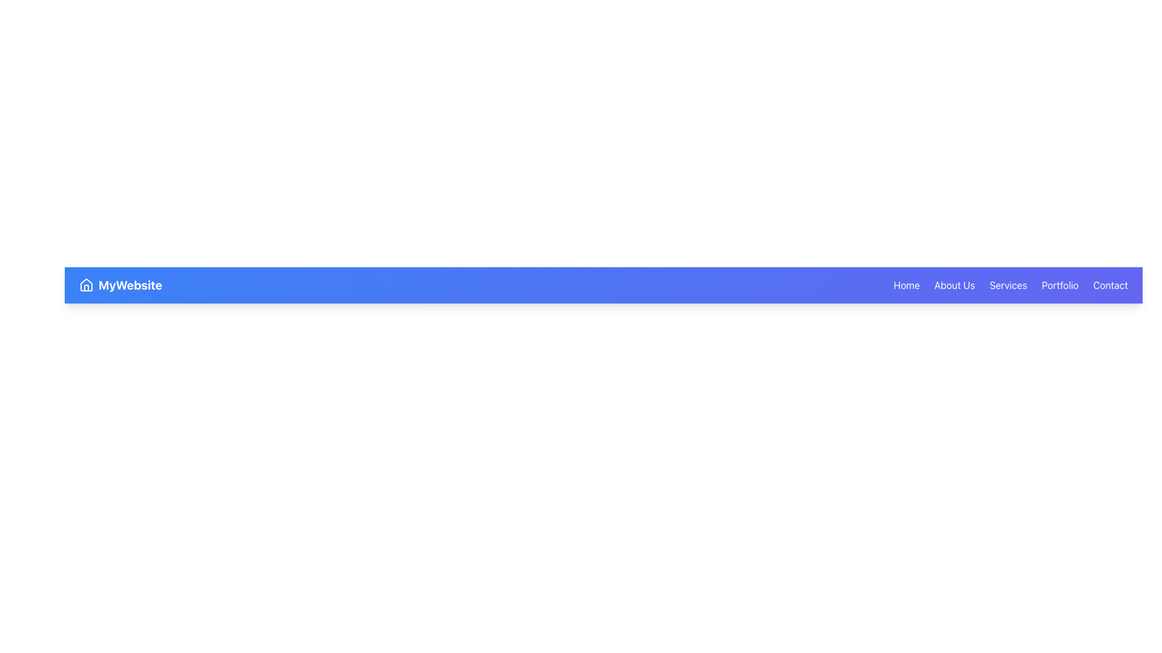 This screenshot has height=653, width=1162. I want to click on the 'Portfolio' navigation item, which is styled in white font on a blue background, so click(1059, 285).